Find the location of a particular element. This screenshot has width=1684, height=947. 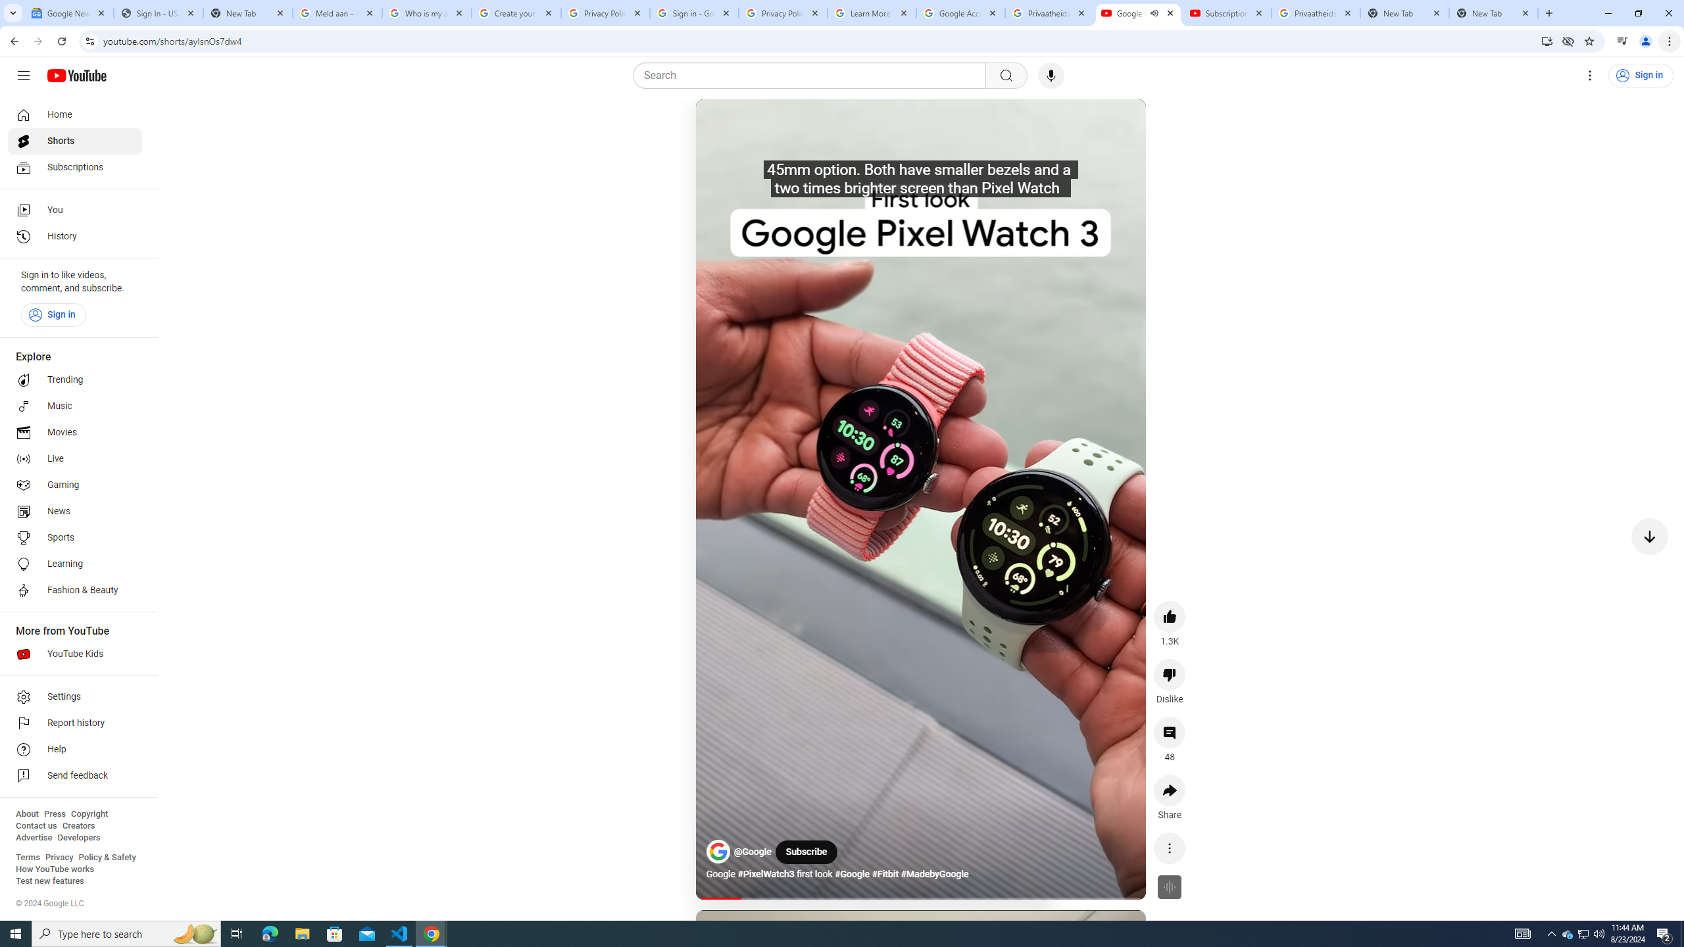

'Subscriptions - YouTube' is located at coordinates (1227, 12).